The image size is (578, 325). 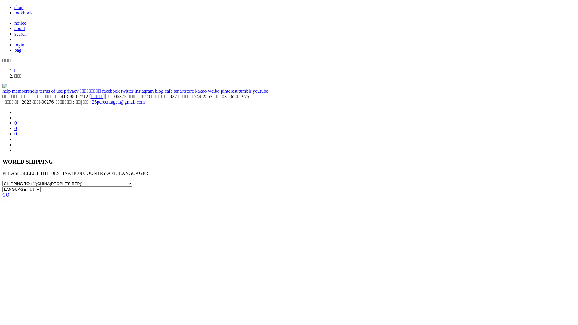 What do you see at coordinates (14, 44) in the screenshot?
I see `'login'` at bounding box center [14, 44].